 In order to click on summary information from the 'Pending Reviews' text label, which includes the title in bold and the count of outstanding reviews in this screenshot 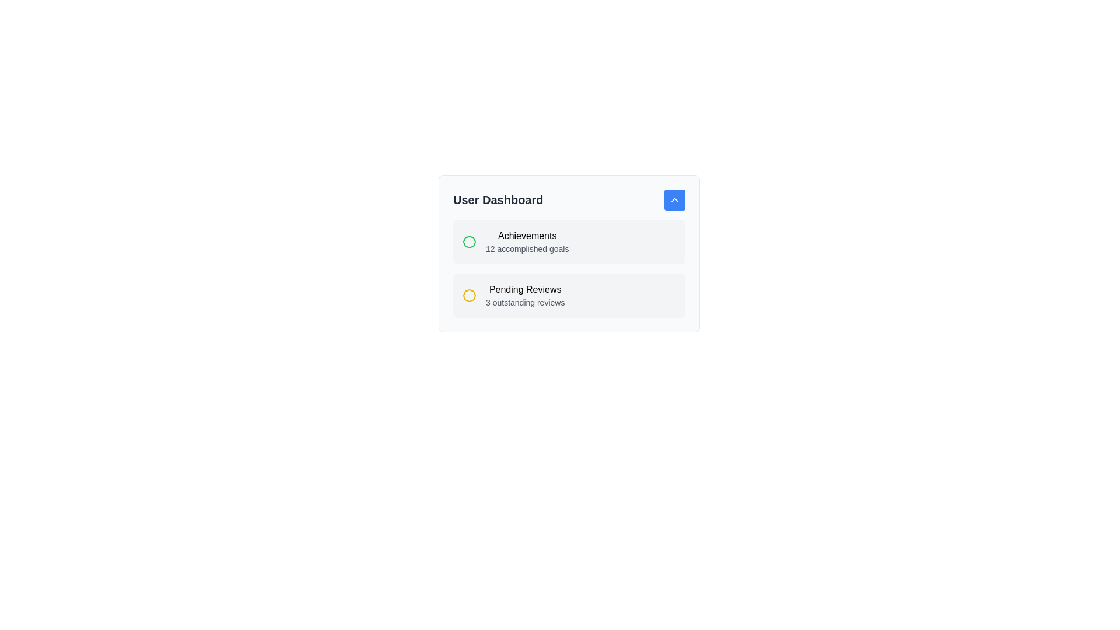, I will do `click(524, 295)`.